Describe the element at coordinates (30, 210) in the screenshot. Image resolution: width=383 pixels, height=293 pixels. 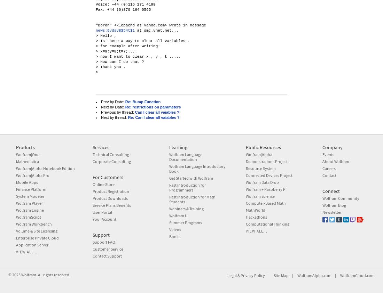
I see `'Wolfram Engine'` at that location.